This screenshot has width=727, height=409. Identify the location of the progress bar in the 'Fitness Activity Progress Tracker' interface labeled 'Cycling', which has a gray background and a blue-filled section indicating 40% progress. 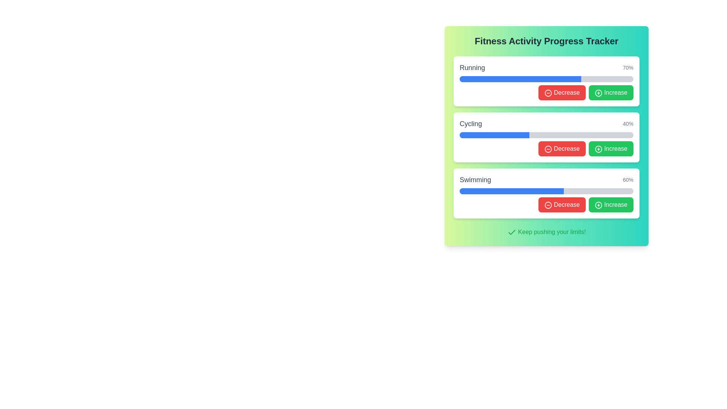
(546, 135).